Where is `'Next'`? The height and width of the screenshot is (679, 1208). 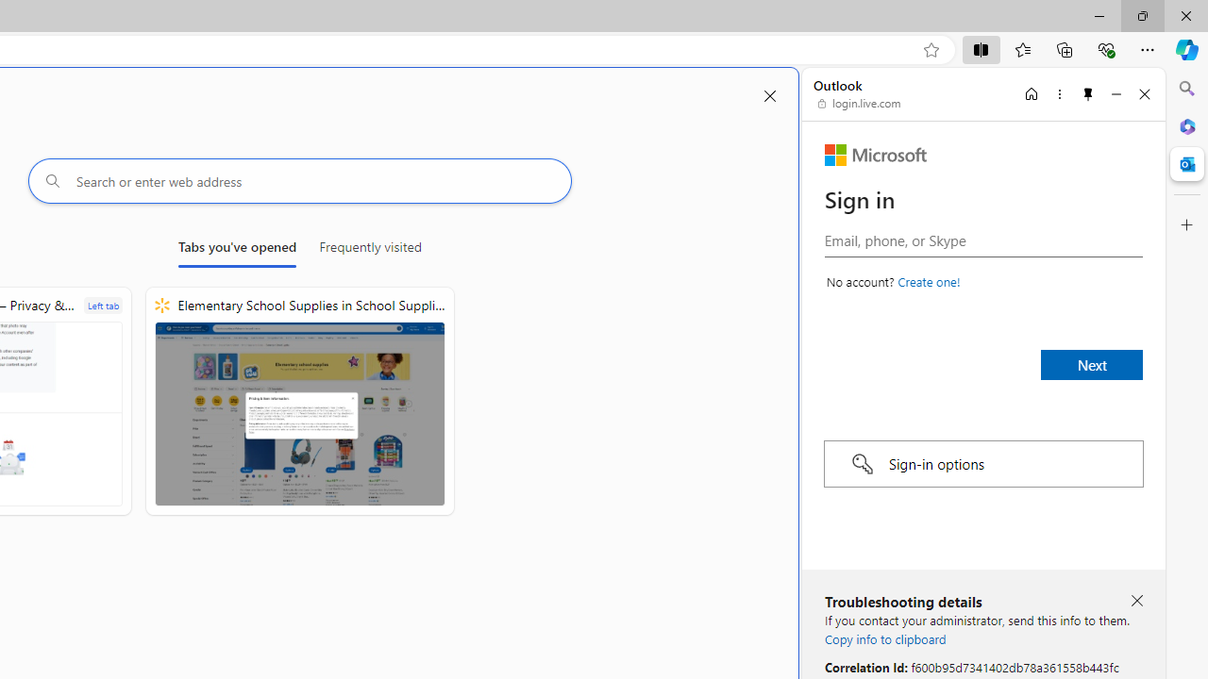
'Next' is located at coordinates (1092, 365).